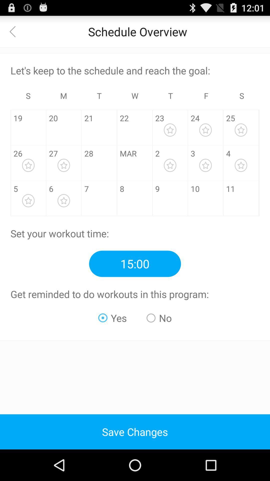 The image size is (270, 481). I want to click on item next to the schedule overview item, so click(15, 31).